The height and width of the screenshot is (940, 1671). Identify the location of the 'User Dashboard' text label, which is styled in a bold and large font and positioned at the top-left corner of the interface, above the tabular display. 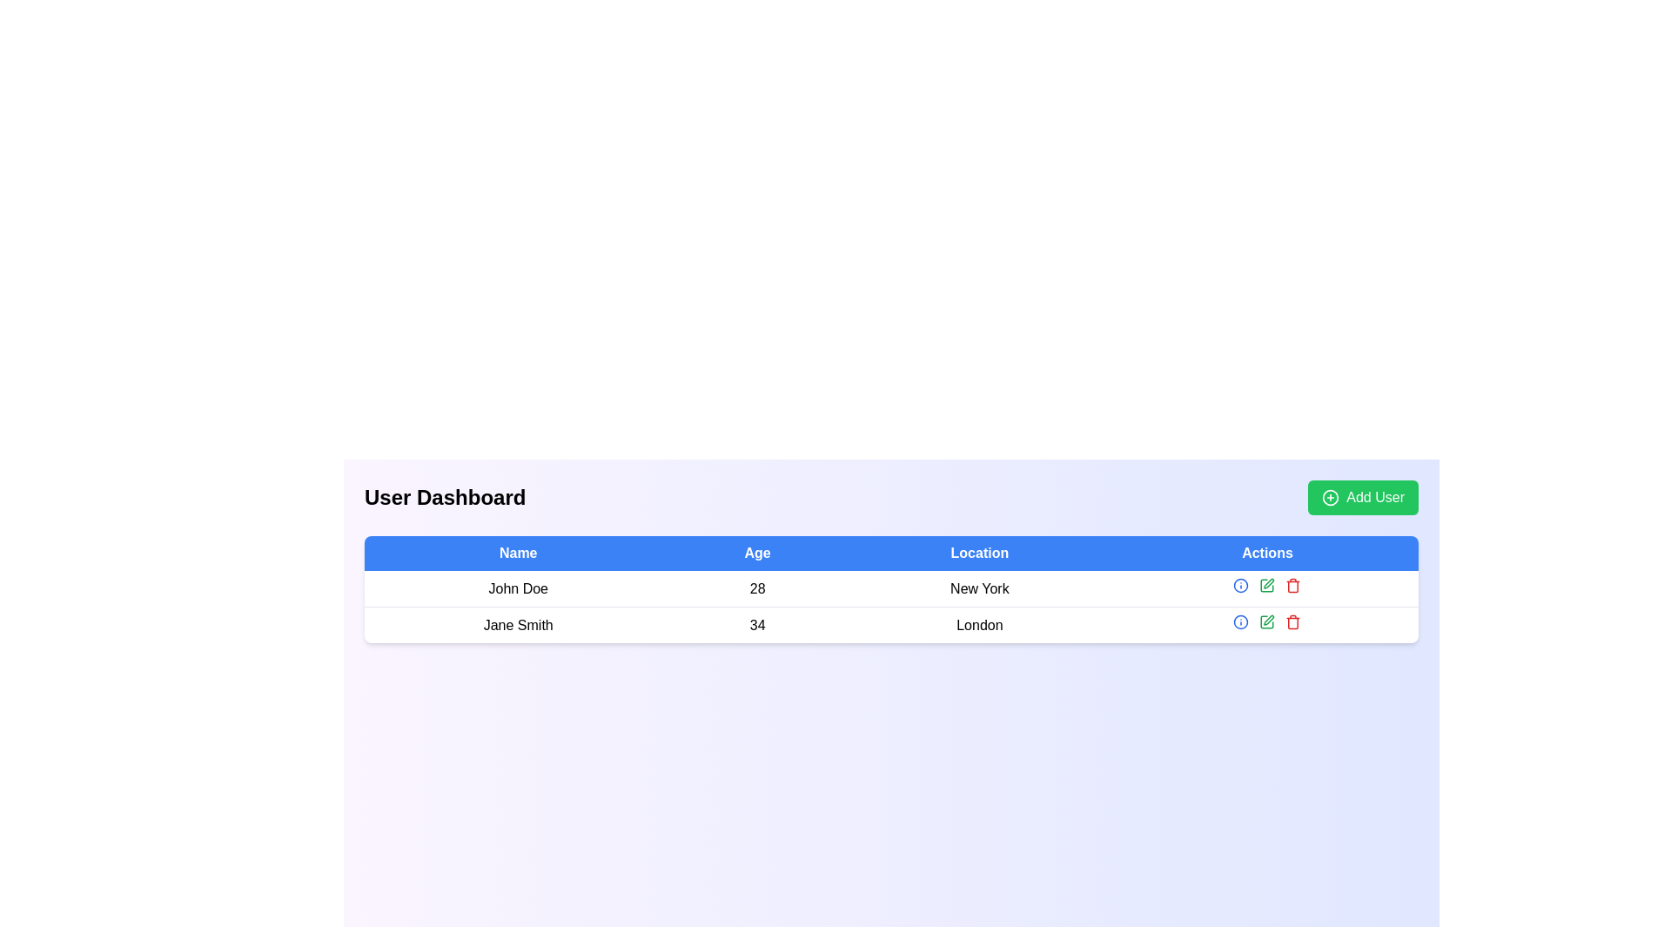
(445, 497).